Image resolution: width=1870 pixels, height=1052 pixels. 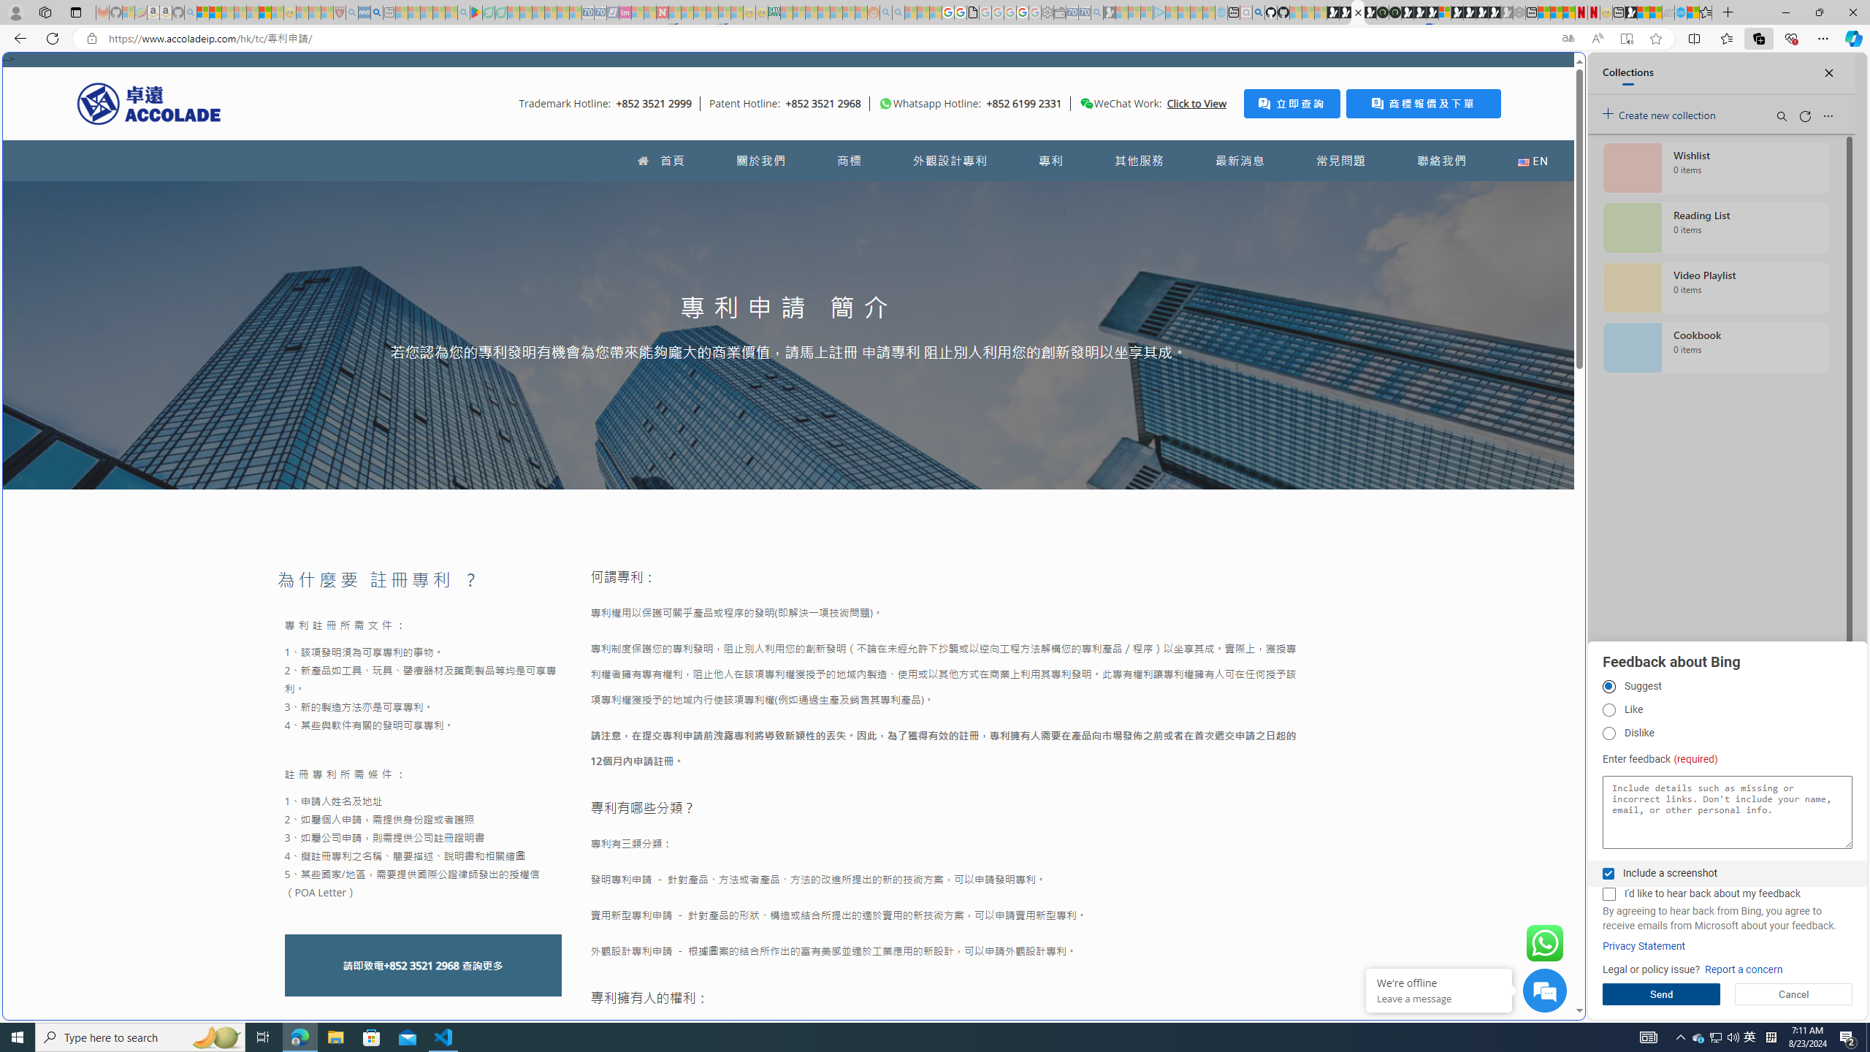 What do you see at coordinates (351, 12) in the screenshot?
I see `'list of asthma inhalers uk - Search - Sleeping'` at bounding box center [351, 12].